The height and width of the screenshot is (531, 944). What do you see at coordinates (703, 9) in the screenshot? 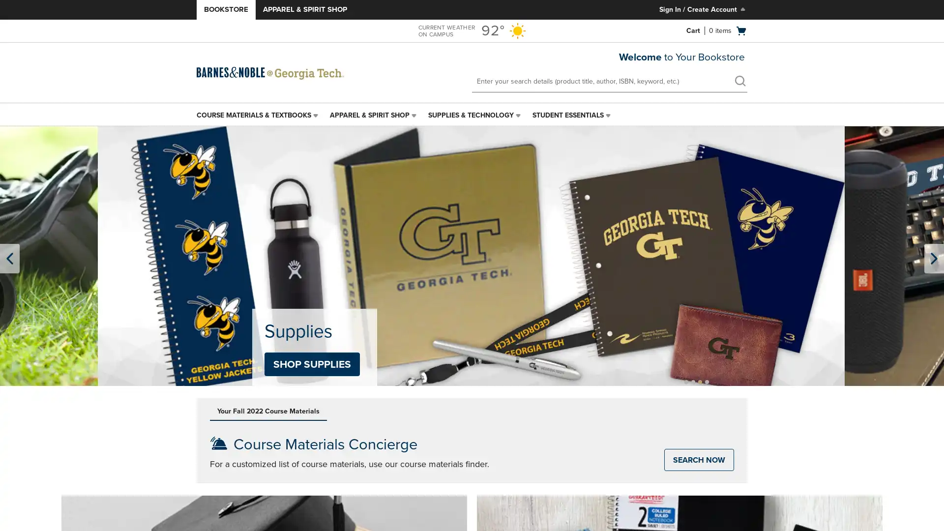
I see `Sign In/Create Account` at bounding box center [703, 9].